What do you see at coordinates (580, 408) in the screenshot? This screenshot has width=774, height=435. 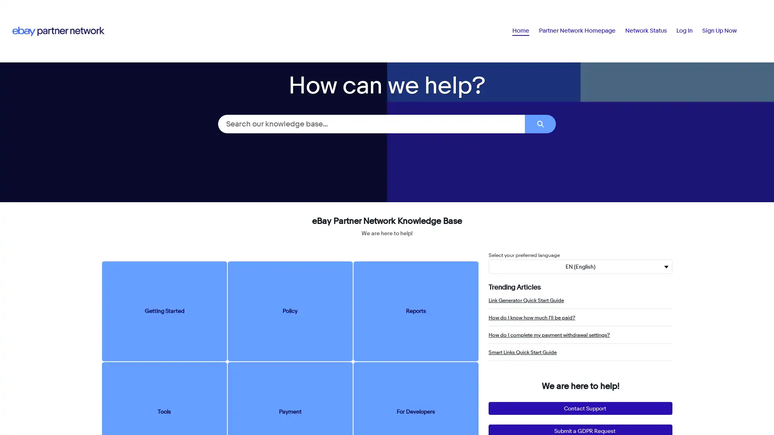 I see `Contact Support` at bounding box center [580, 408].